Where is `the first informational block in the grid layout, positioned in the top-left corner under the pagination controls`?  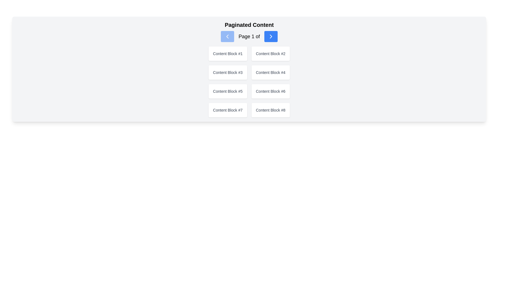
the first informational block in the grid layout, positioned in the top-left corner under the pagination controls is located at coordinates (228, 53).